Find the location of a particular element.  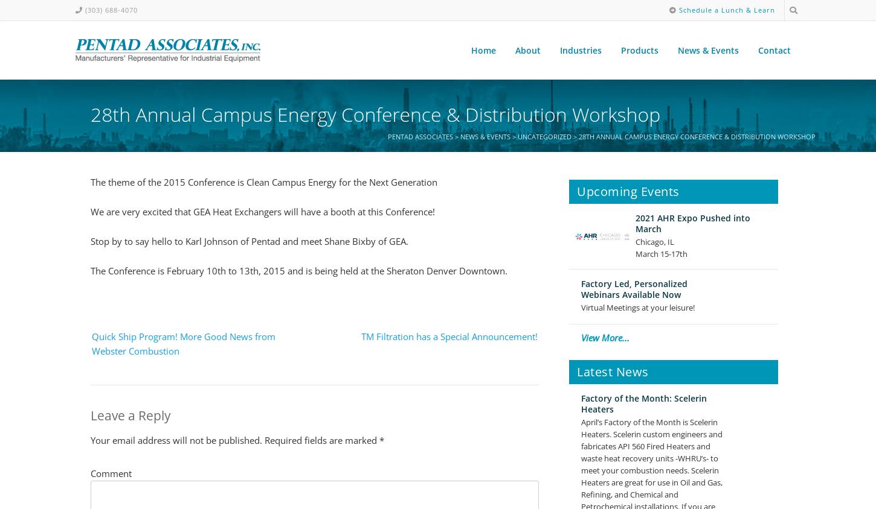

'Leave a Reply' is located at coordinates (130, 414).